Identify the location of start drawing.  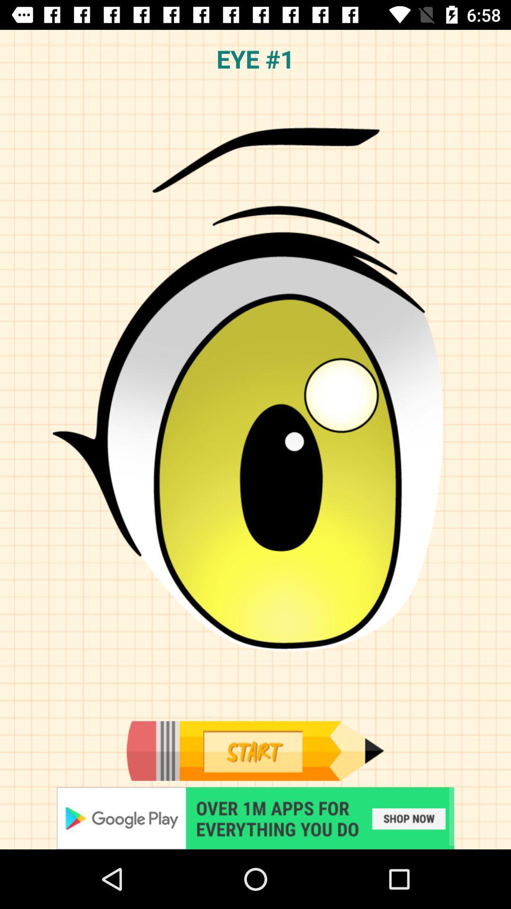
(255, 750).